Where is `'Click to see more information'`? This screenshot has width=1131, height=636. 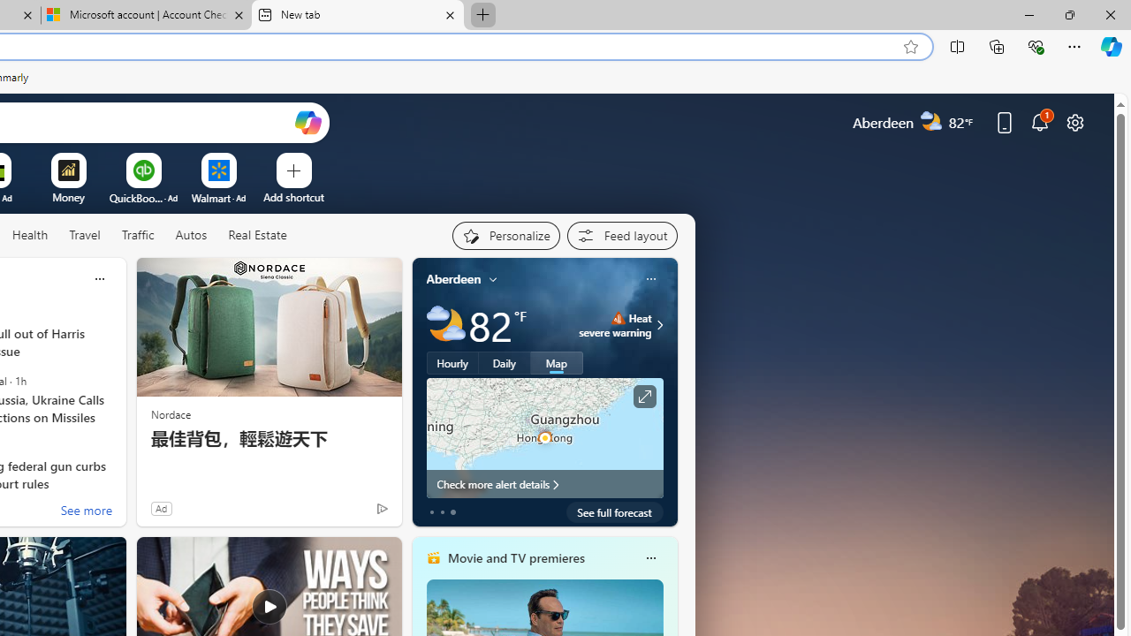 'Click to see more information' is located at coordinates (642, 396).